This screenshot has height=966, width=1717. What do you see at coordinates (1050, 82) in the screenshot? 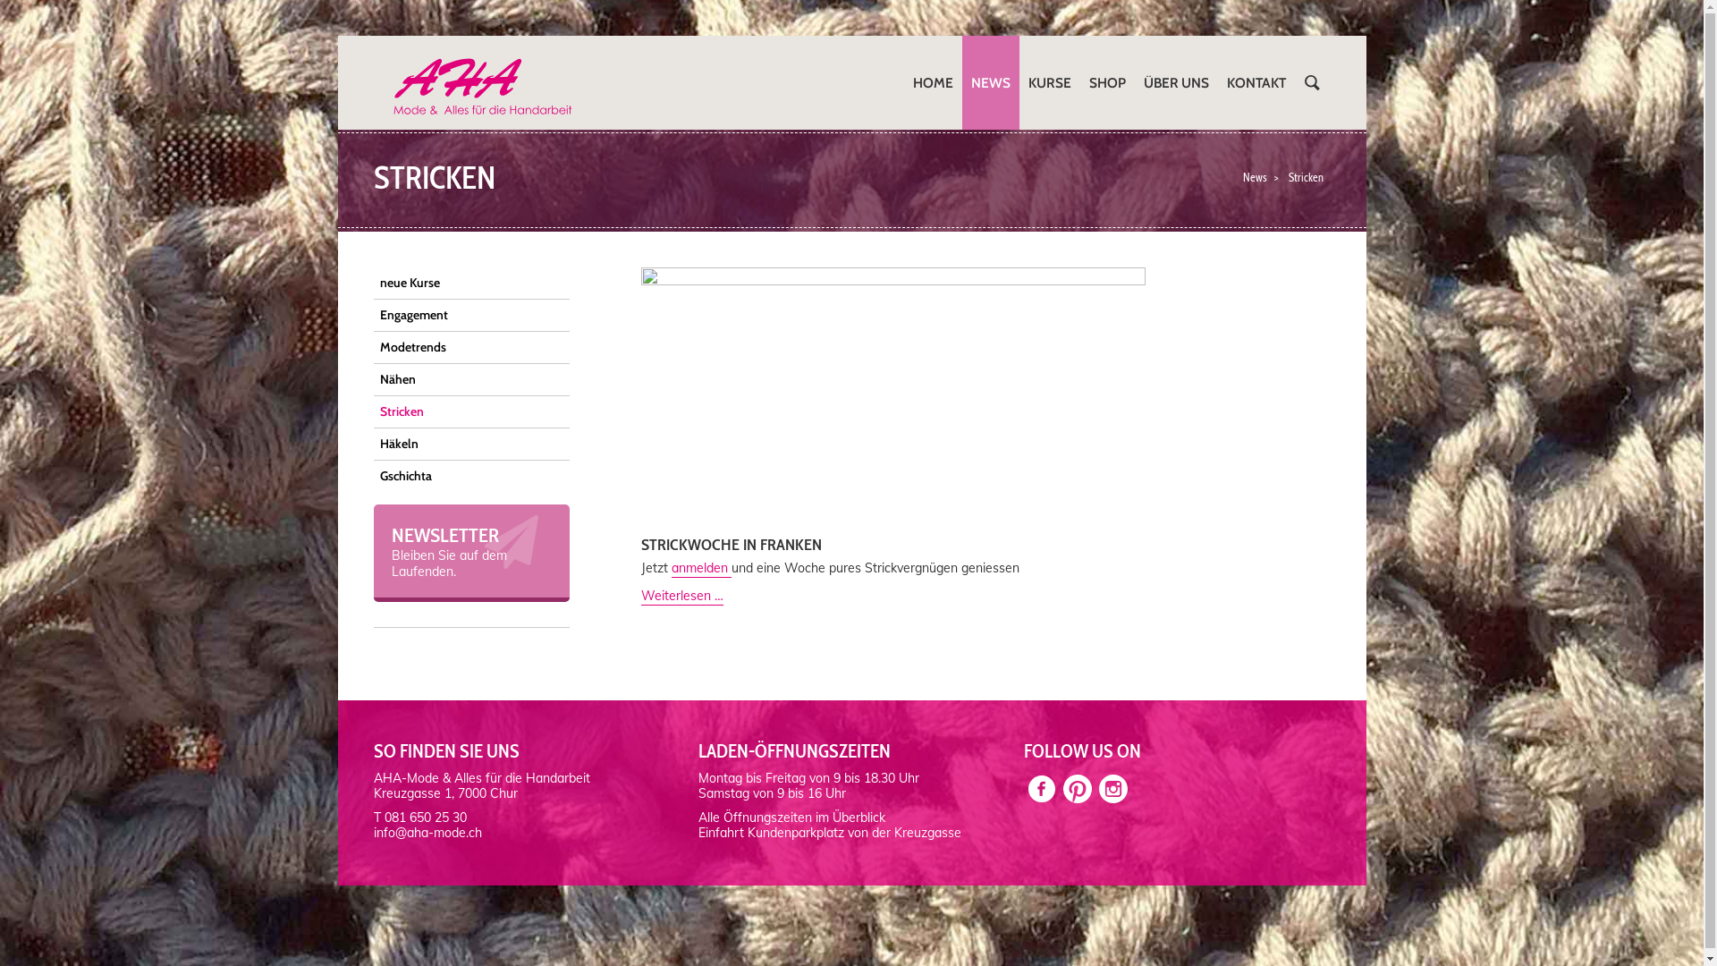
I see `'KURSE'` at bounding box center [1050, 82].